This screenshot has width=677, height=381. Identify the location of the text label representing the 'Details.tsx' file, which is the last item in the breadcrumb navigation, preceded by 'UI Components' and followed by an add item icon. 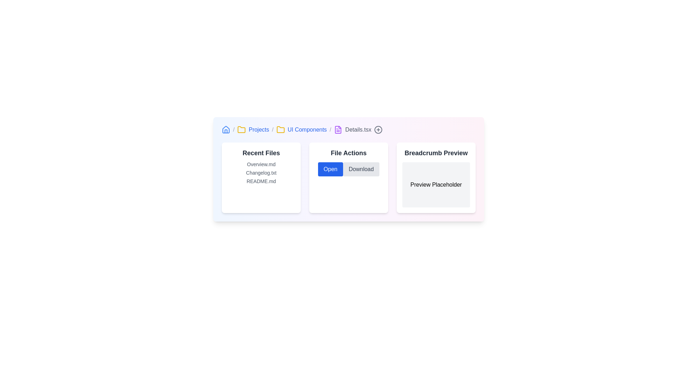
(358, 129).